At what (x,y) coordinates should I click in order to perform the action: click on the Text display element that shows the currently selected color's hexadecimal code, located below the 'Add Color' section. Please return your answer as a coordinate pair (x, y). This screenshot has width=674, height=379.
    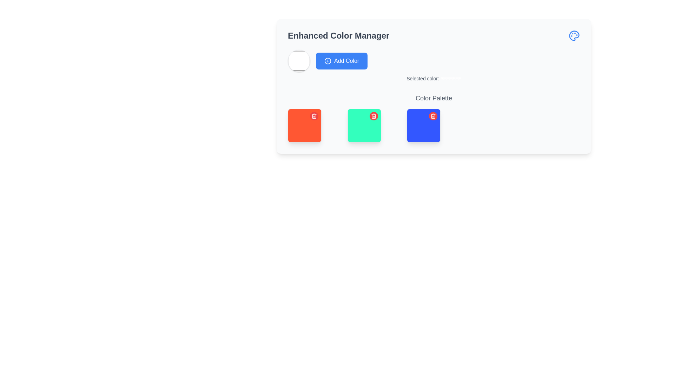
    Looking at the image, I should click on (434, 78).